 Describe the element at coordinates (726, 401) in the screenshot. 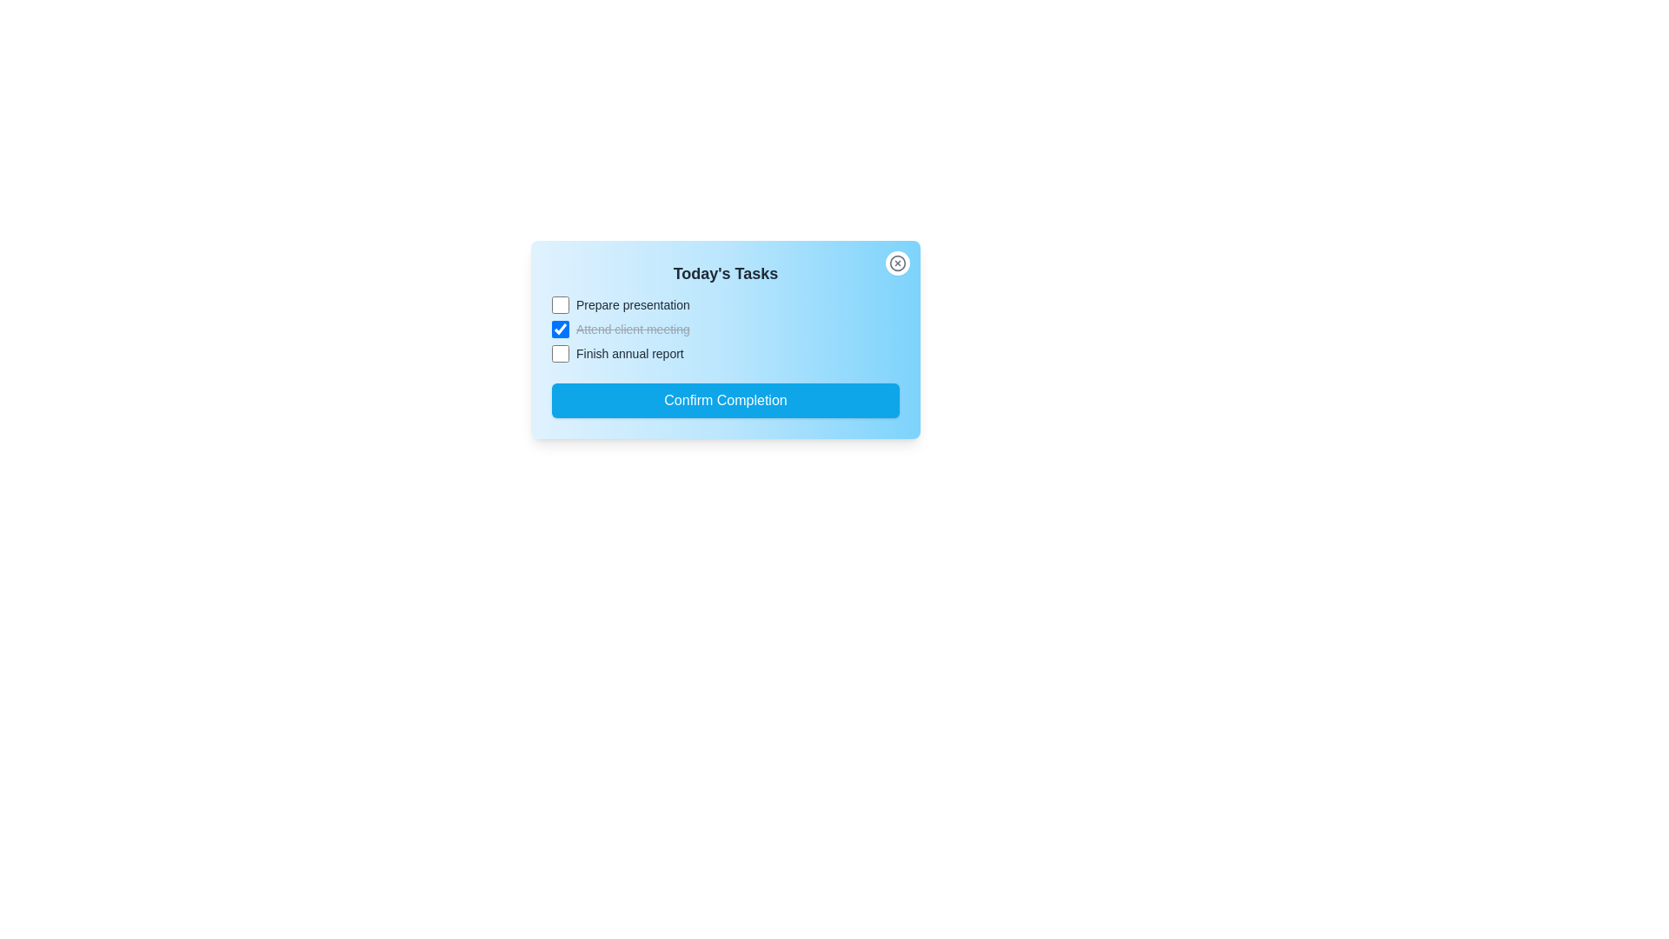

I see `the 'Confirm Completion' button to confirm that all tasks are reviewed` at that location.